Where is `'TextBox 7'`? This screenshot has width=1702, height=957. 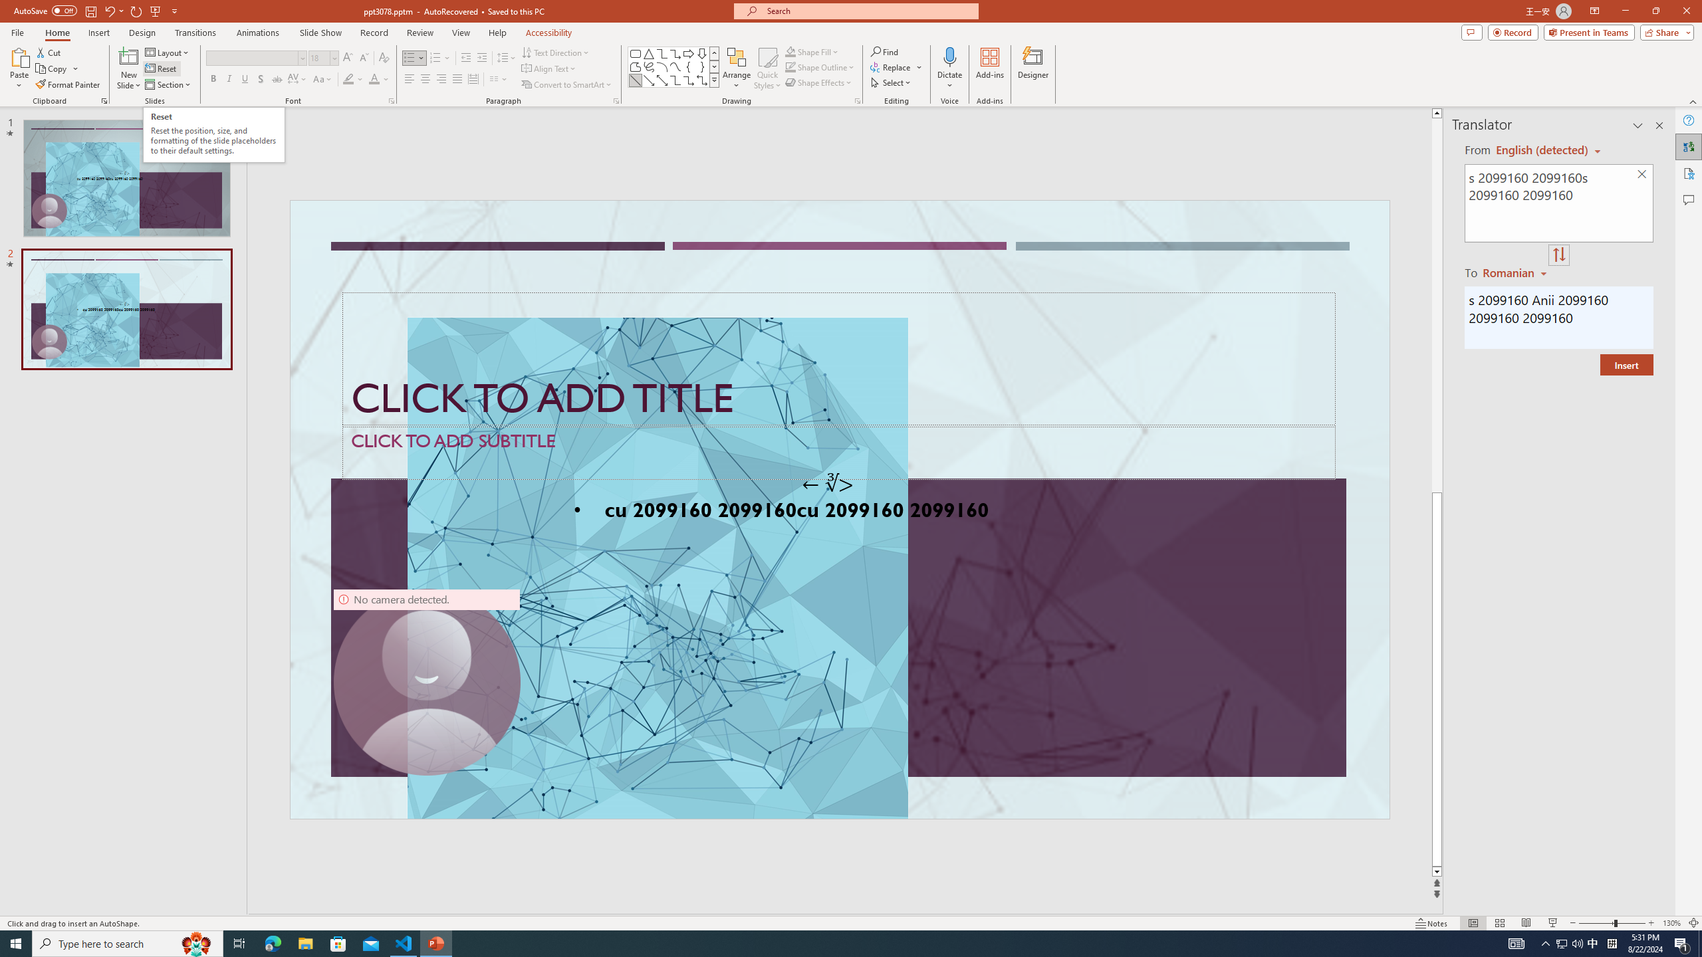 'TextBox 7' is located at coordinates (827, 483).